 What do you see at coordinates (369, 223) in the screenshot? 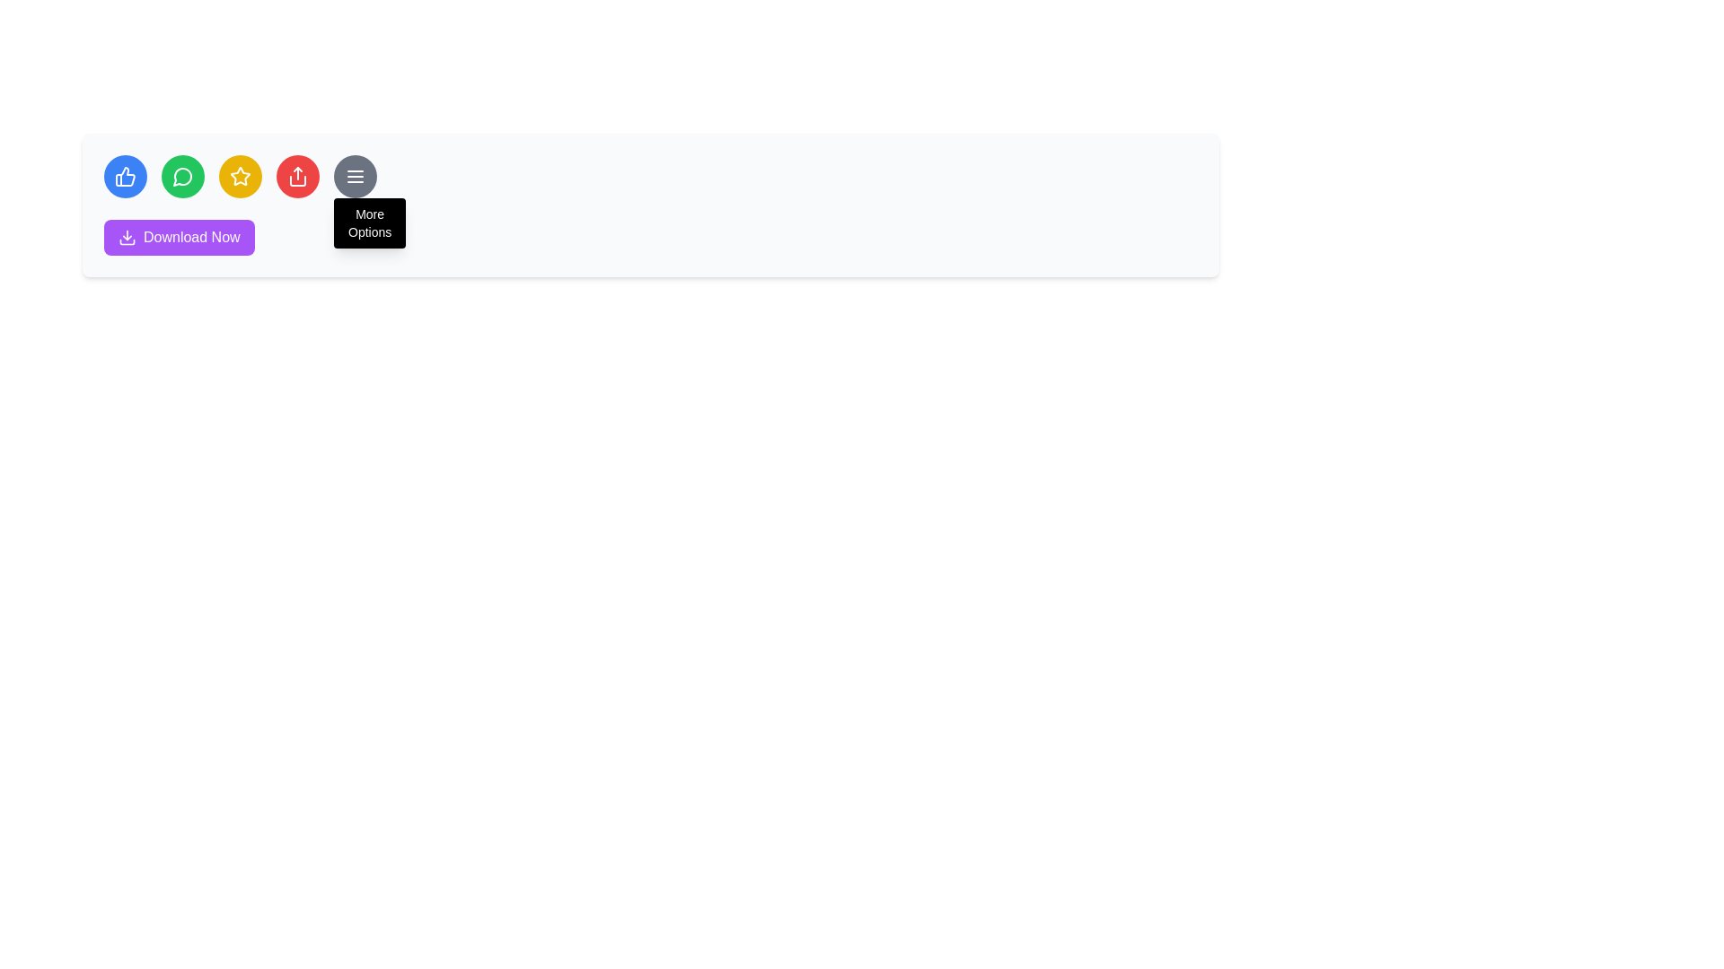
I see `the informational tooltip associated with the 'More Options' button, which appears directly beneath the circular button with a hamburger icon` at bounding box center [369, 223].